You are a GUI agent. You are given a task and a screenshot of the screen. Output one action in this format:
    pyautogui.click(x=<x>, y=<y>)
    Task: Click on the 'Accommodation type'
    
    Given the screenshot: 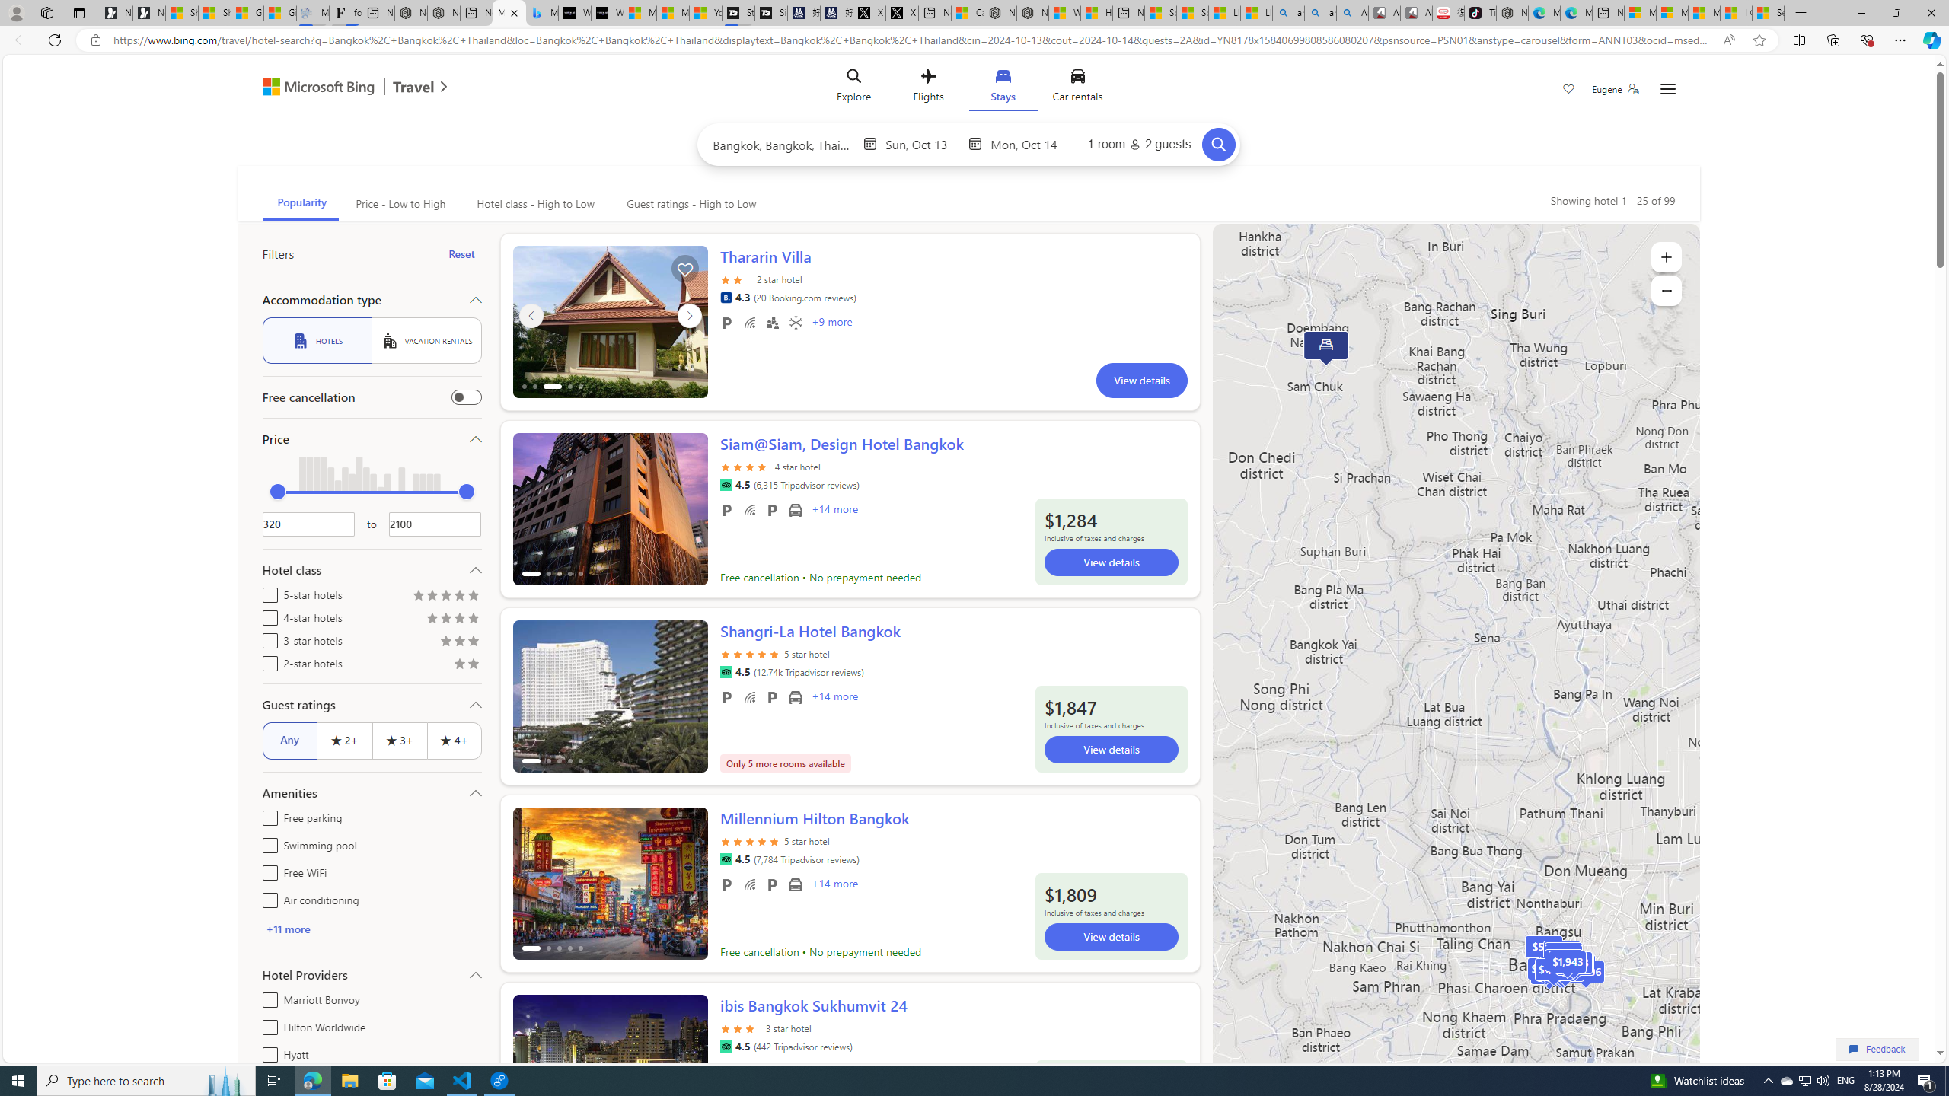 What is the action you would take?
    pyautogui.click(x=370, y=298)
    